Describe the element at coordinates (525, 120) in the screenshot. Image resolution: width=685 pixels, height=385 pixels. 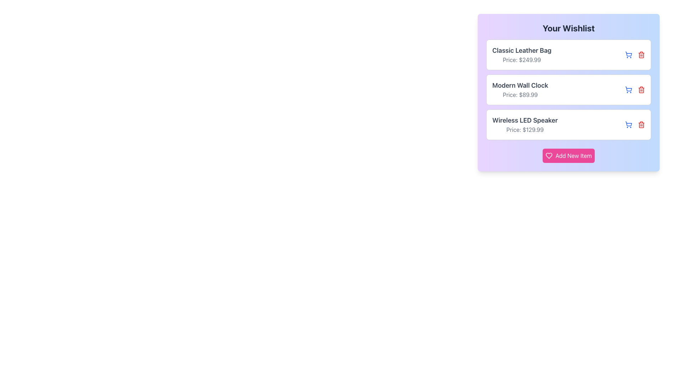
I see `the static text display element that shows 'Wireless LED Speaker', which is located in the bottom card of the 'Your Wishlist' section` at that location.